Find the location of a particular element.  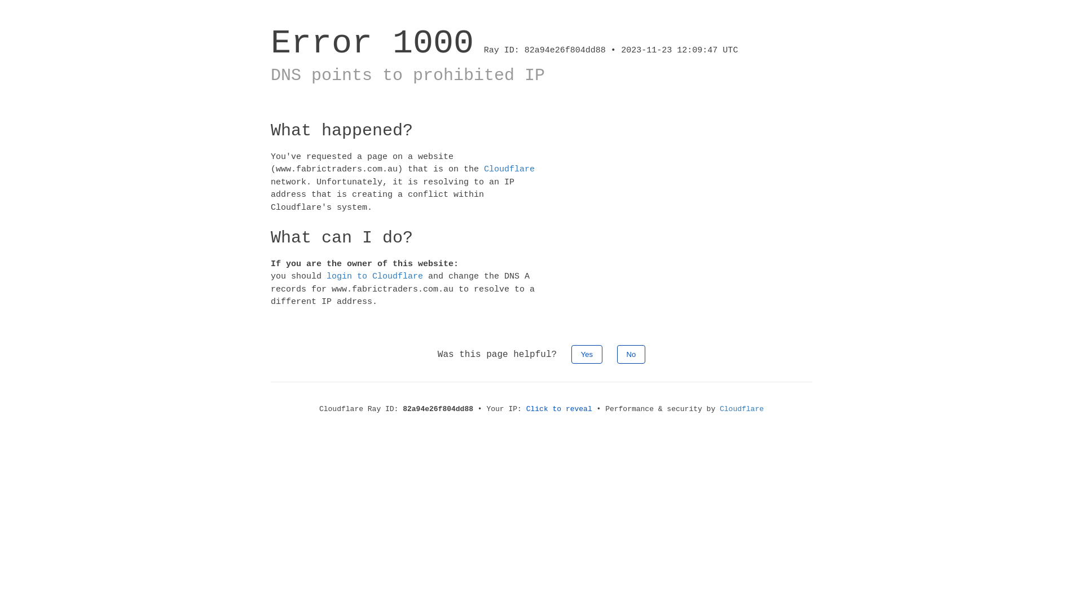

'Cloudflare' is located at coordinates (484, 169).